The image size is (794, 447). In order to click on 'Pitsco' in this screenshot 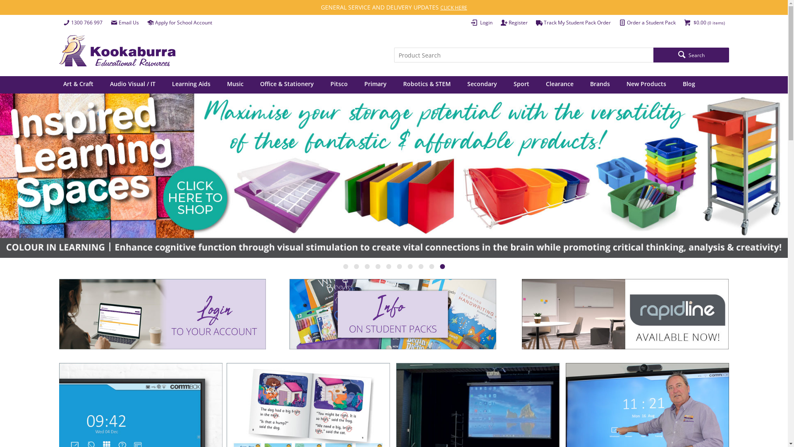, I will do `click(339, 84)`.